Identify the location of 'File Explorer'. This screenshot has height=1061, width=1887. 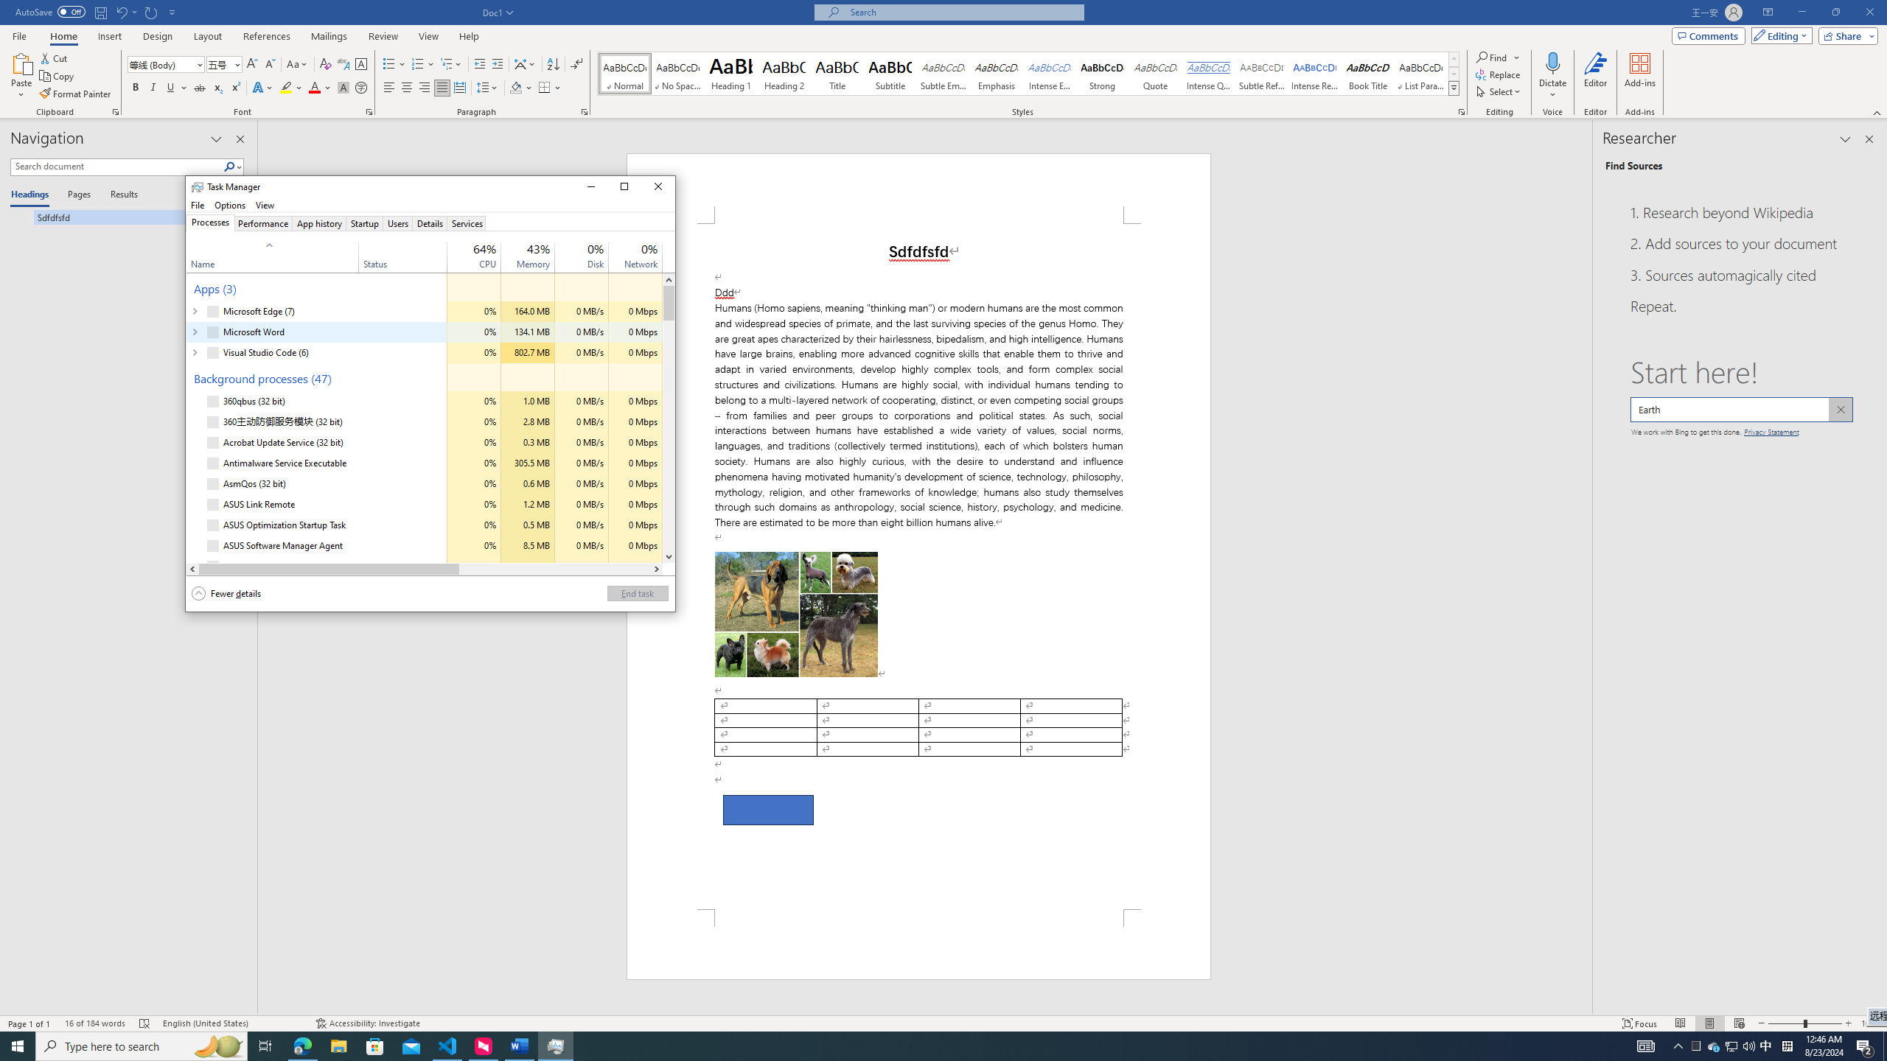
(338, 1045).